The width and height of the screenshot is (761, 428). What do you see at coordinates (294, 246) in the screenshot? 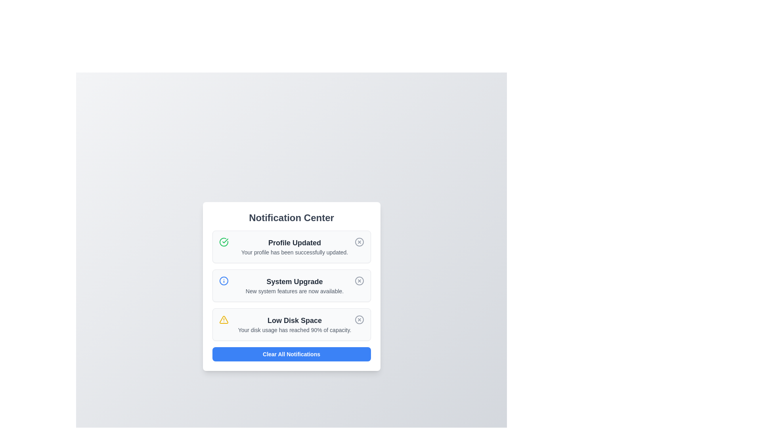
I see `notification message indicating that the profile update was successfully completed, located in the top notification area of the notification center` at bounding box center [294, 246].